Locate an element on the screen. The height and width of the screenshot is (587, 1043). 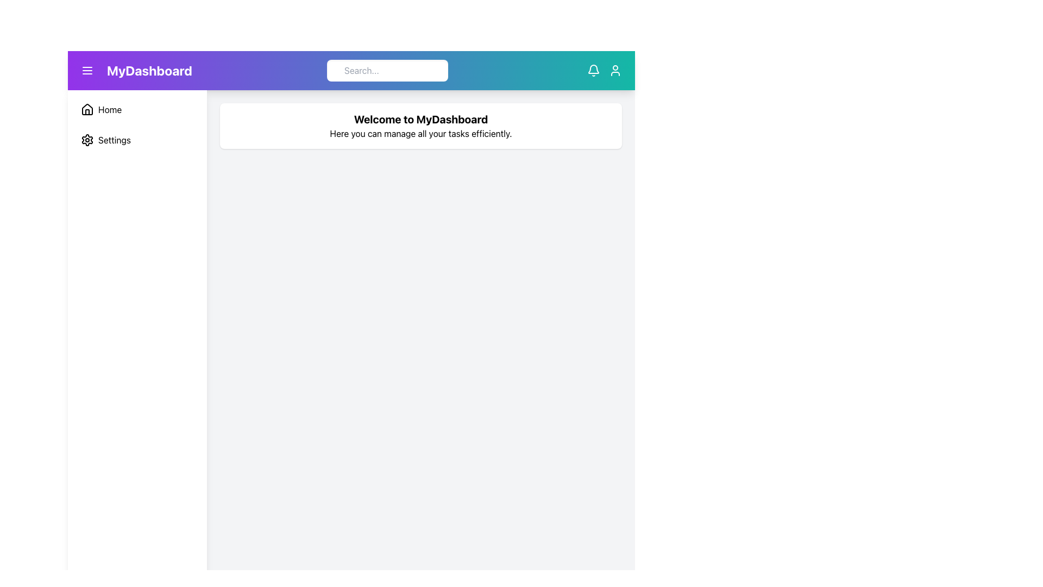
the 'Settings' button in the vertical navigation menu by is located at coordinates (137, 140).